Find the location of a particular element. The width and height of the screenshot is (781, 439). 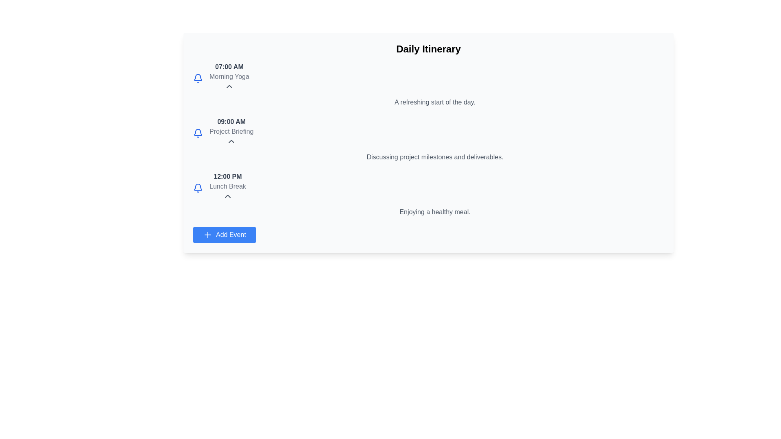

the notification icon that indicates an alert for '12:00 PM - Lunch Break', positioned to the left of the text is located at coordinates (198, 188).